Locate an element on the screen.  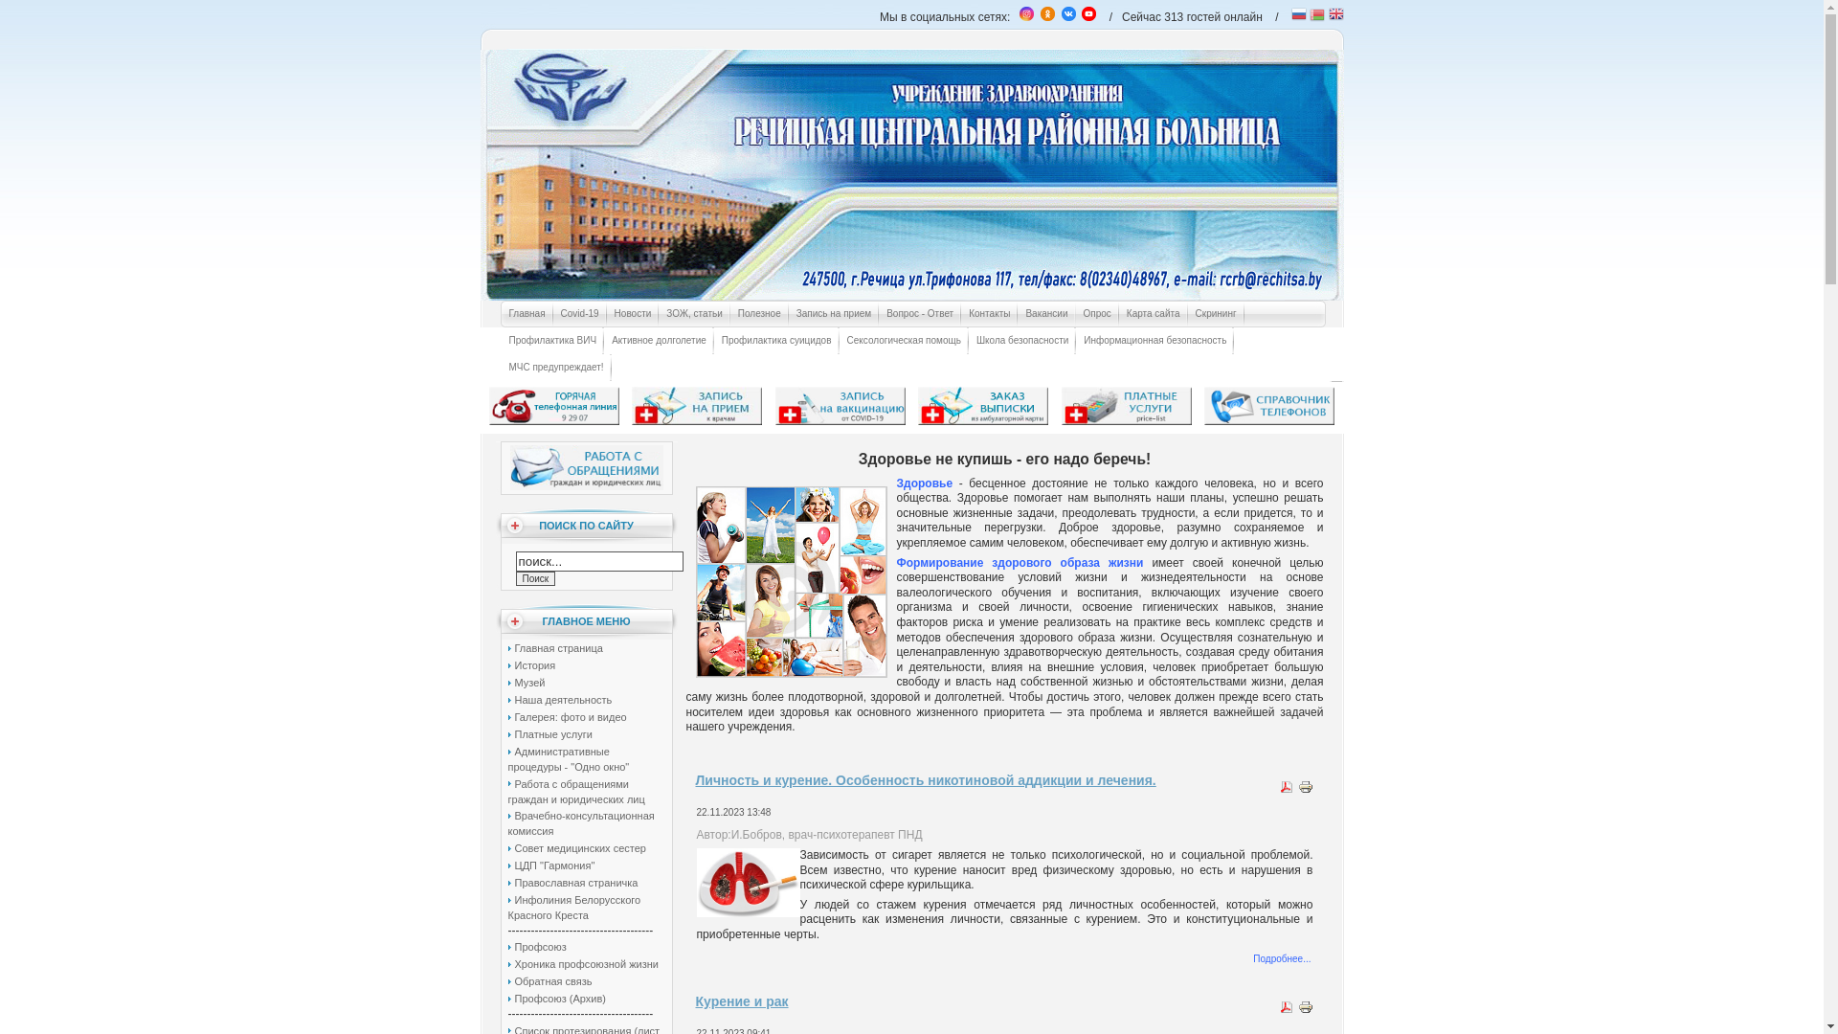
'PDF' is located at coordinates (1287, 790).